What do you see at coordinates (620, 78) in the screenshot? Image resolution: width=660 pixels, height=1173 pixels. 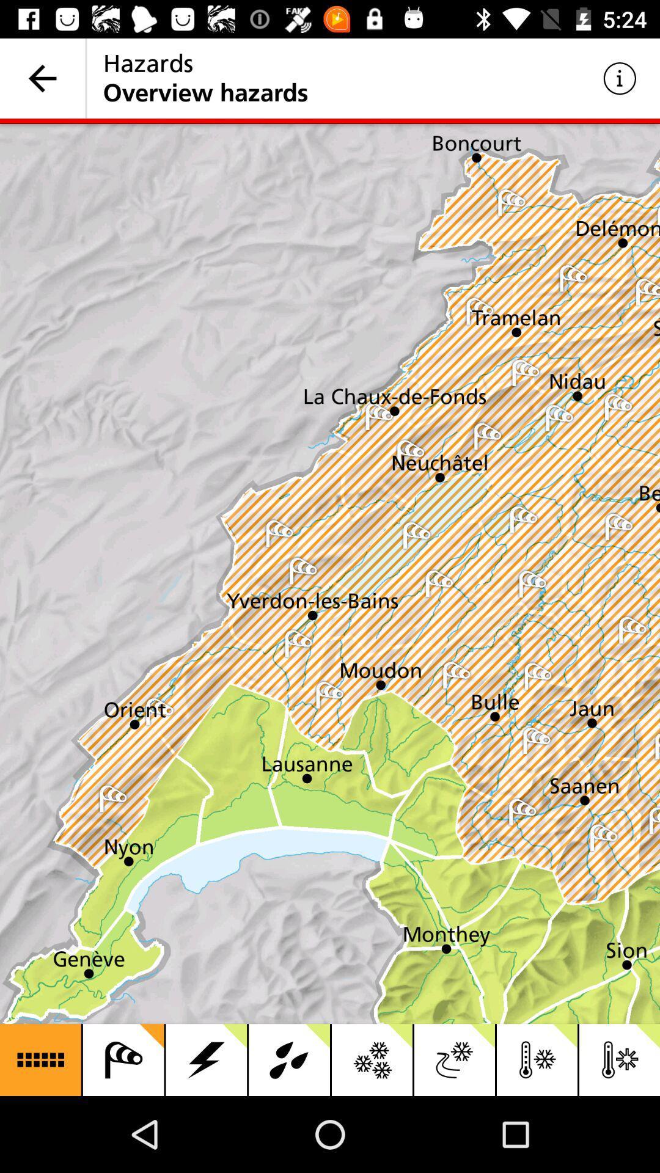 I see `the item at the top right corner` at bounding box center [620, 78].